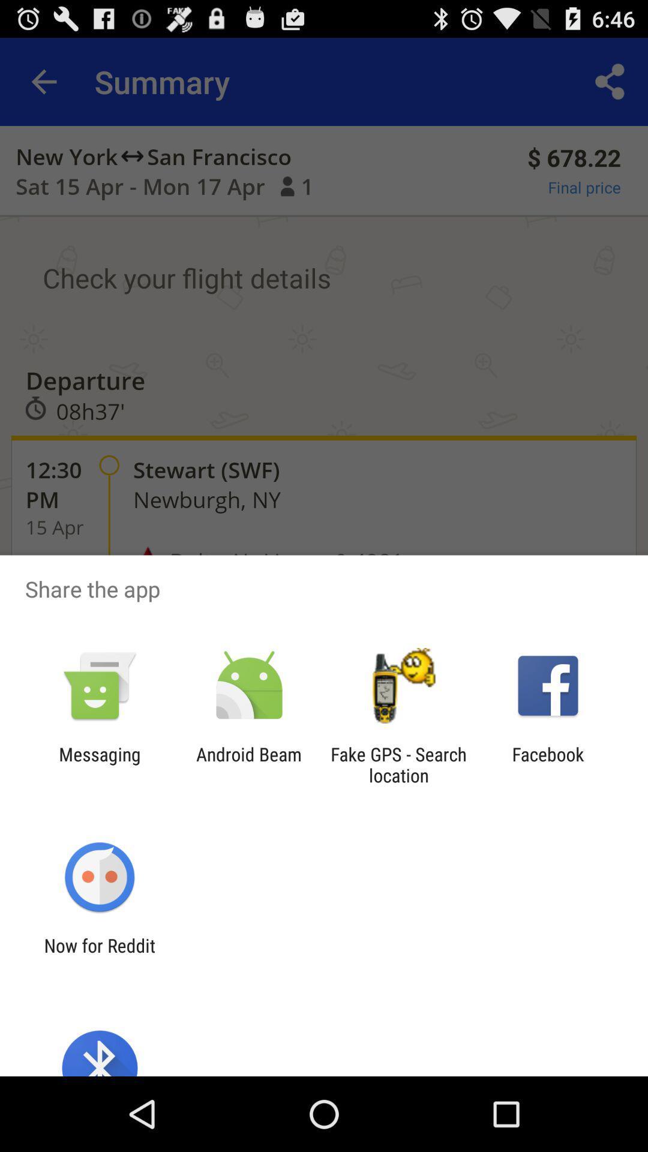  I want to click on the facebook icon, so click(548, 764).